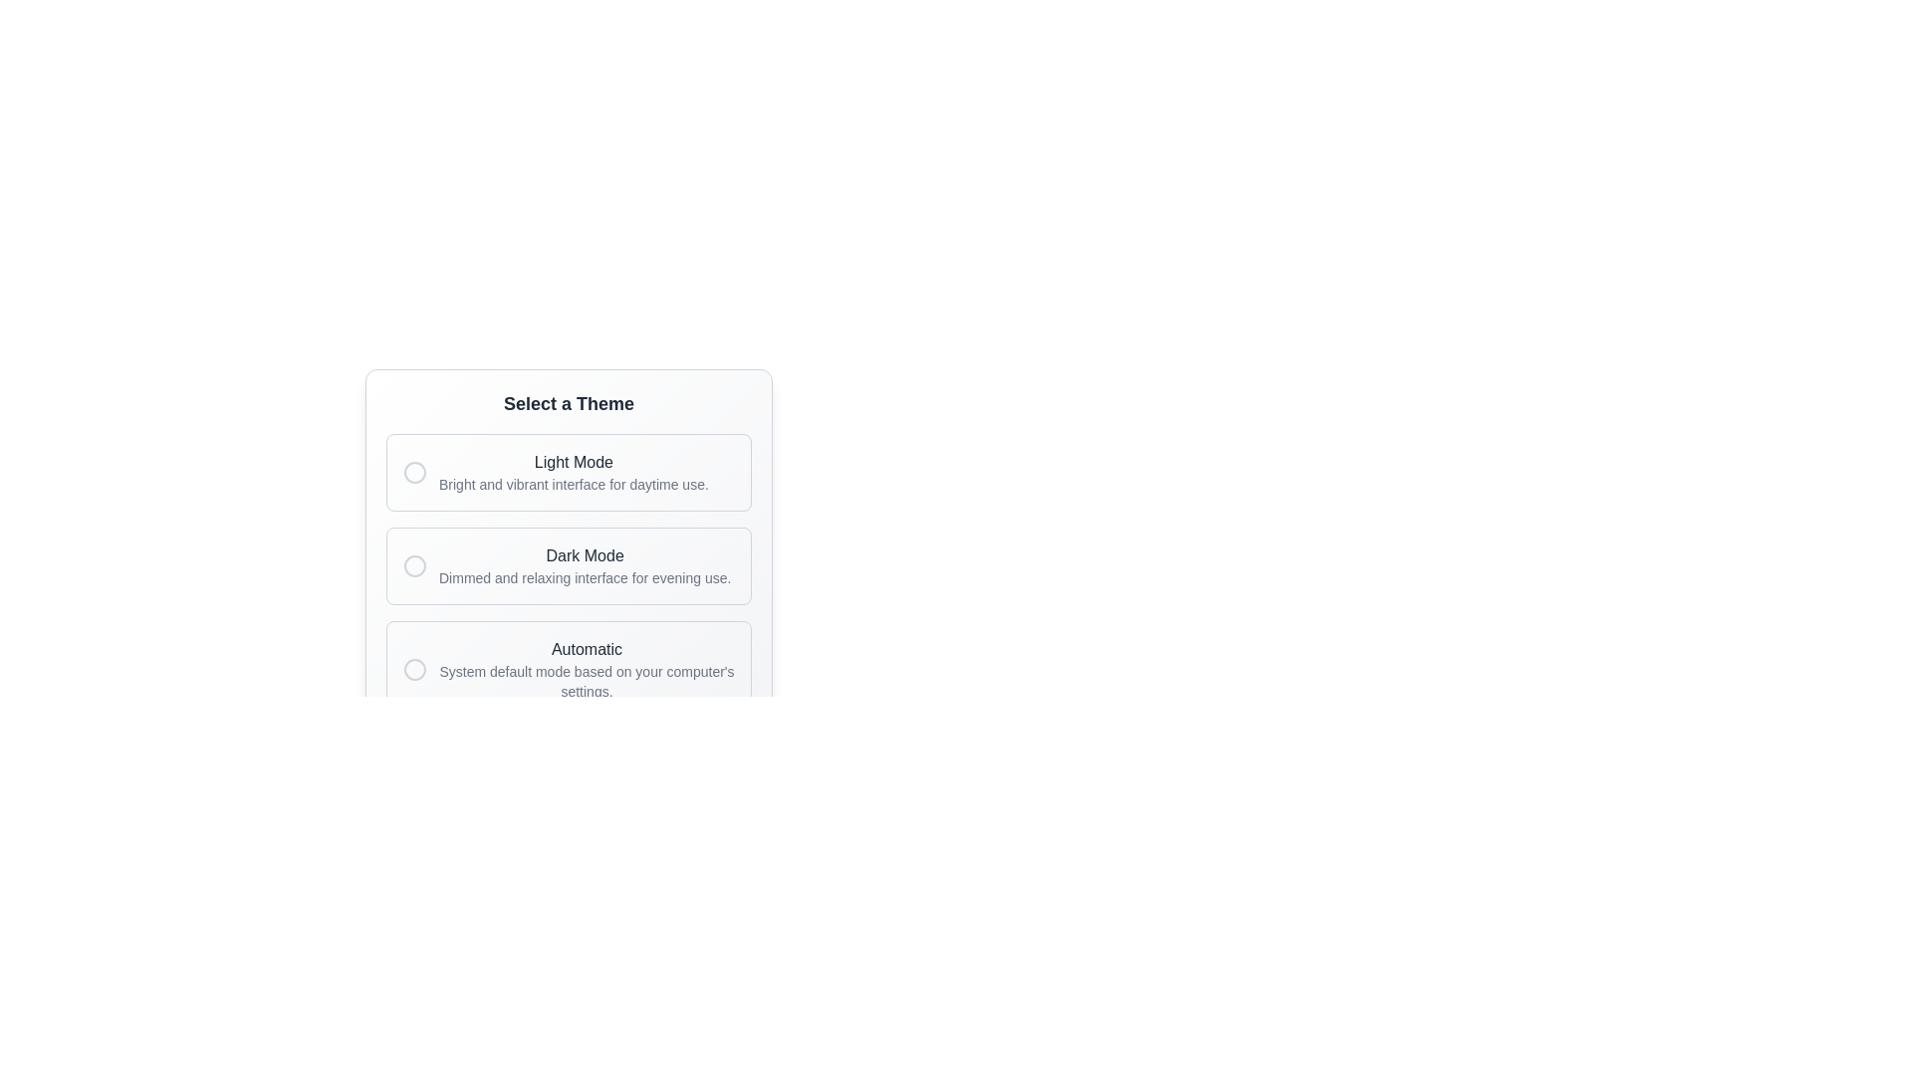 Image resolution: width=1912 pixels, height=1075 pixels. What do you see at coordinates (586, 669) in the screenshot?
I see `the 'Automatic' theme text block located in the bottom card of the settings interface, which is directly below the 'Dark Mode' option` at bounding box center [586, 669].